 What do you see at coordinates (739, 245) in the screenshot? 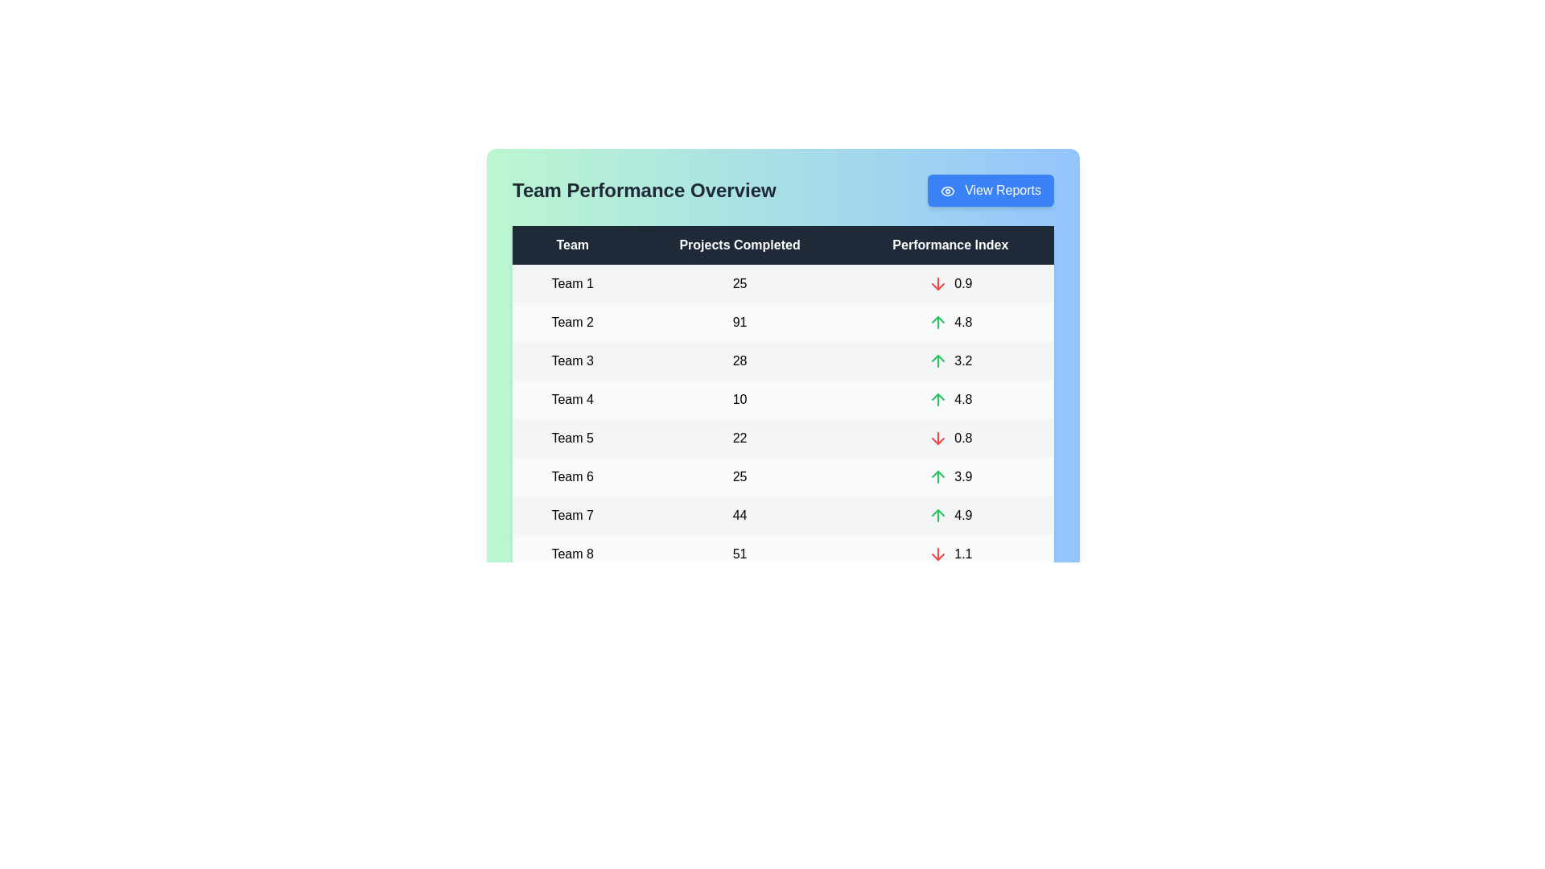
I see `the table header to sort the table by Projects Completed column` at bounding box center [739, 245].